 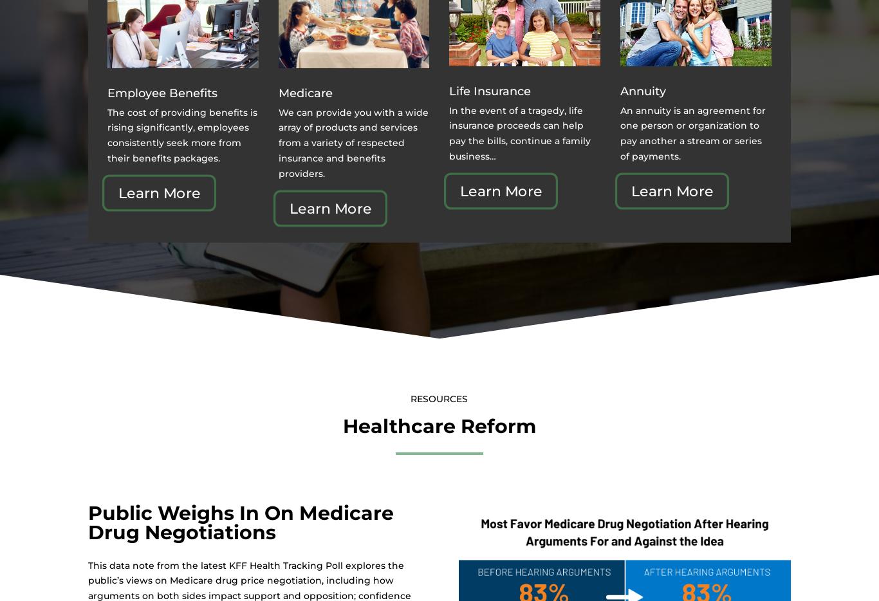 What do you see at coordinates (490, 91) in the screenshot?
I see `'Life Insurance'` at bounding box center [490, 91].